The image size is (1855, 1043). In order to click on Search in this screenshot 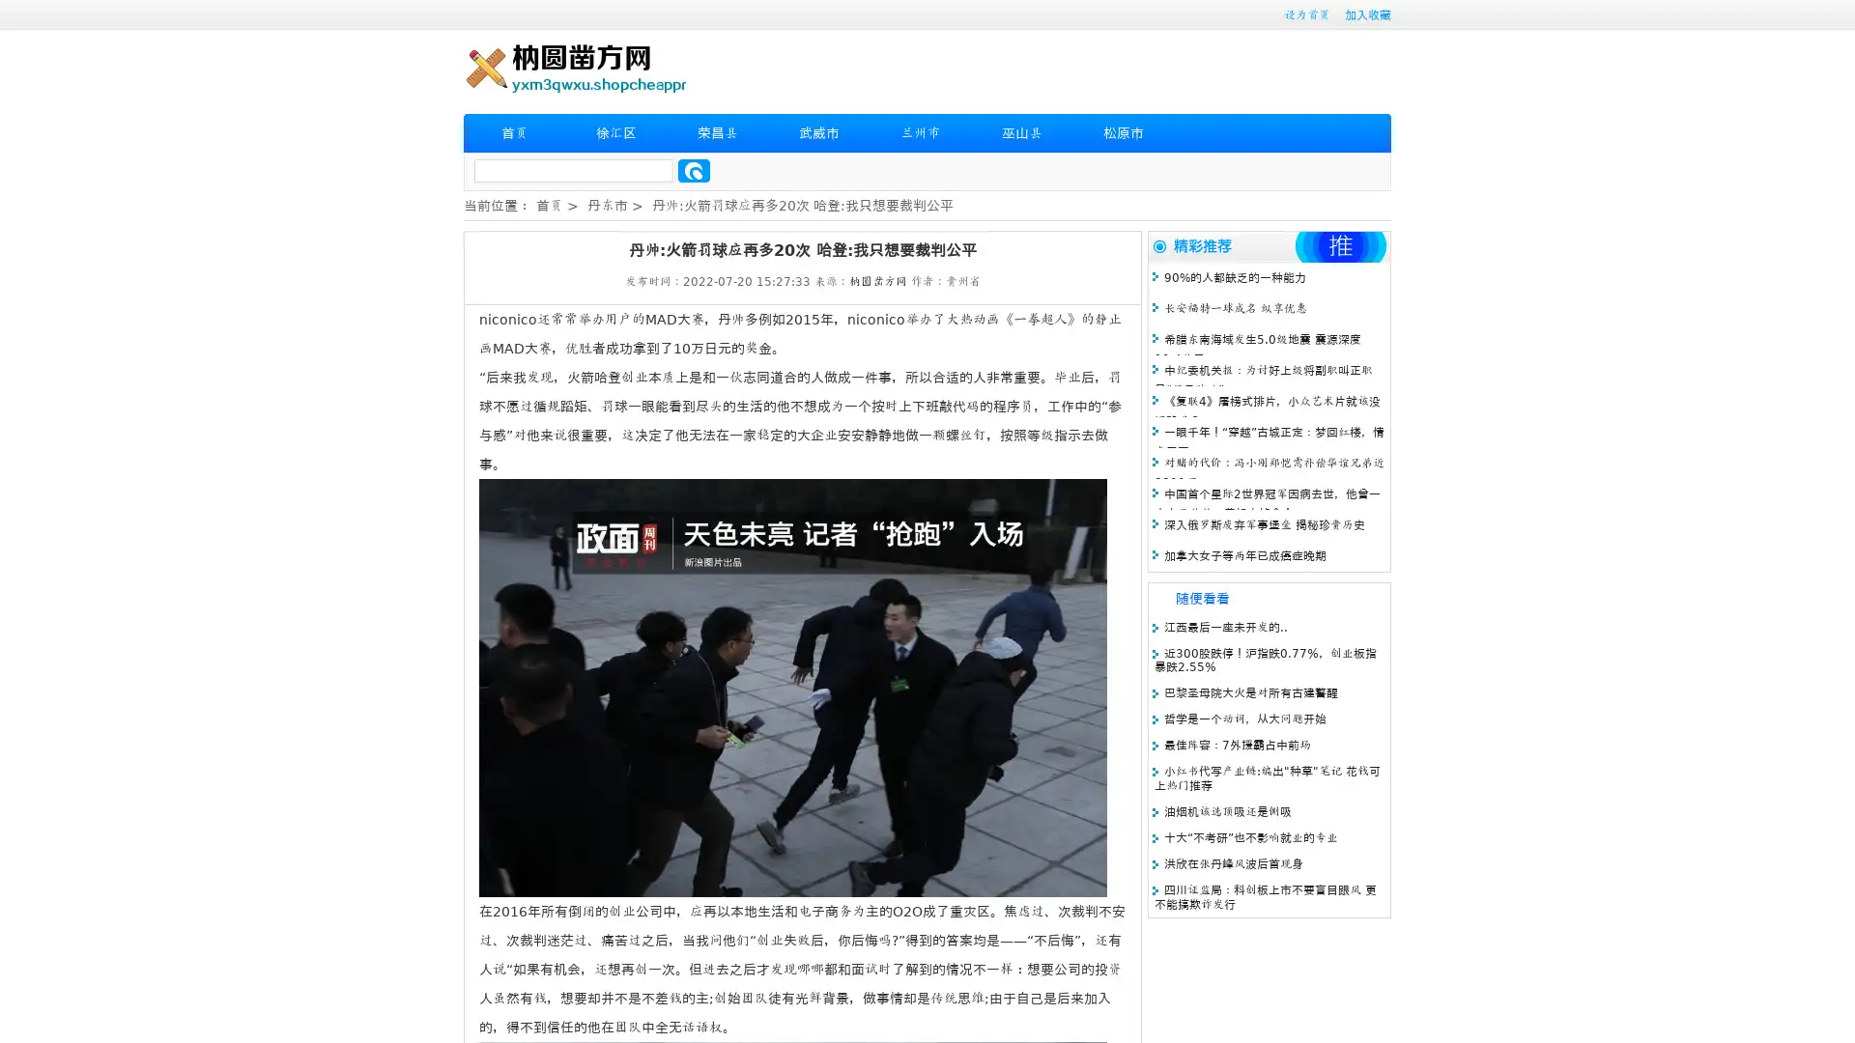, I will do `click(694, 170)`.